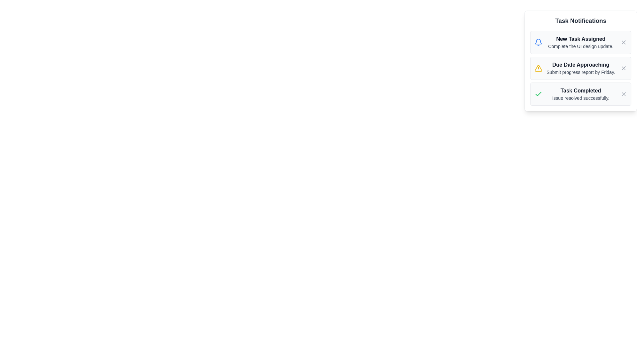 The height and width of the screenshot is (358, 637). What do you see at coordinates (580, 42) in the screenshot?
I see `the first notification item at the top of the notification list to focus on the task details` at bounding box center [580, 42].